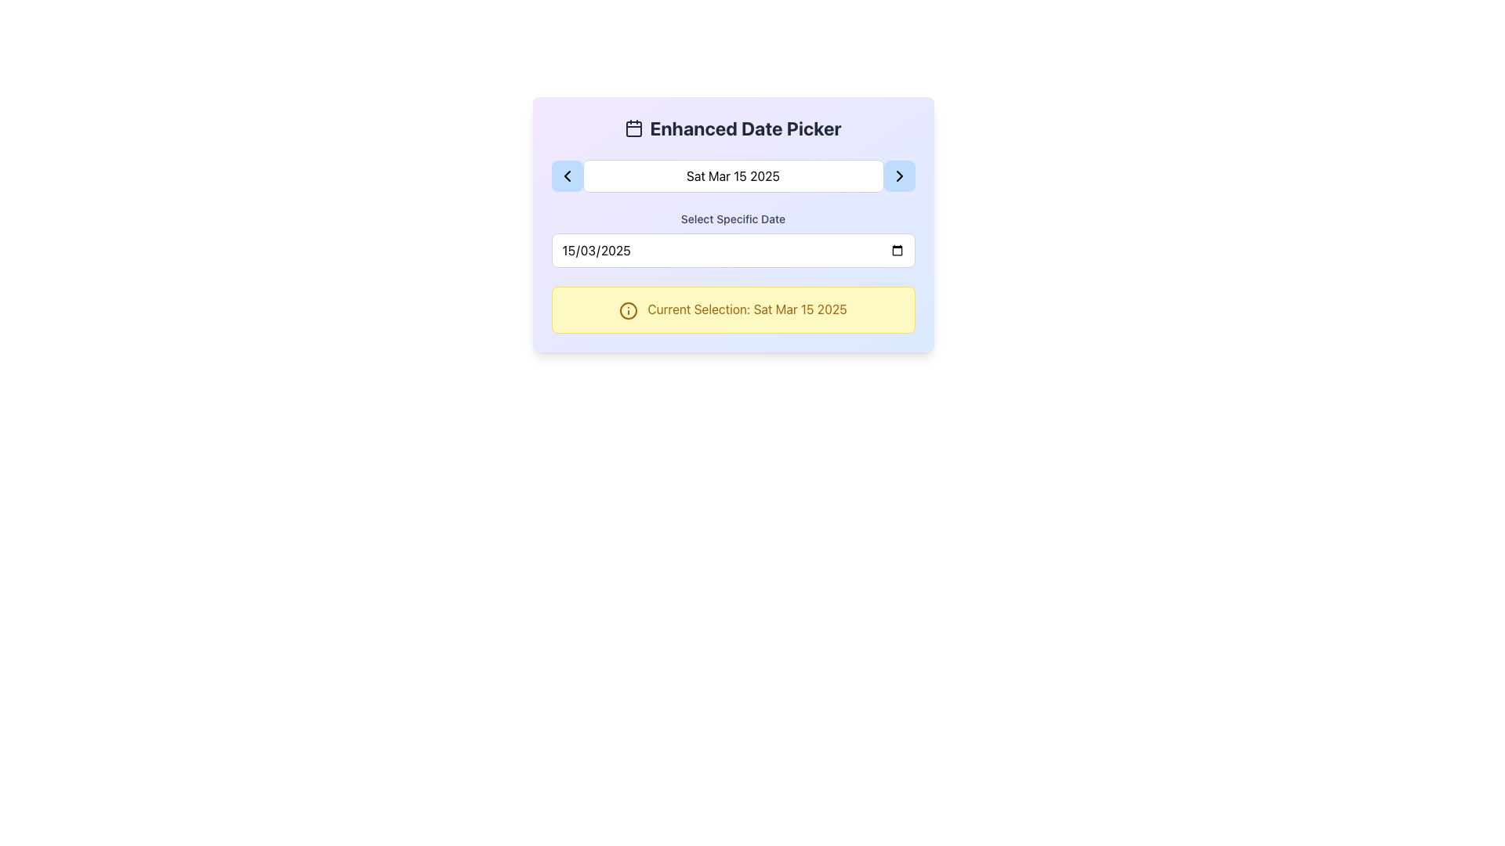 The height and width of the screenshot is (846, 1505). I want to click on the decorative calendar icon located to the left of the header text 'Enhanced Date Picker' in the top section of the date picker widget, so click(634, 128).